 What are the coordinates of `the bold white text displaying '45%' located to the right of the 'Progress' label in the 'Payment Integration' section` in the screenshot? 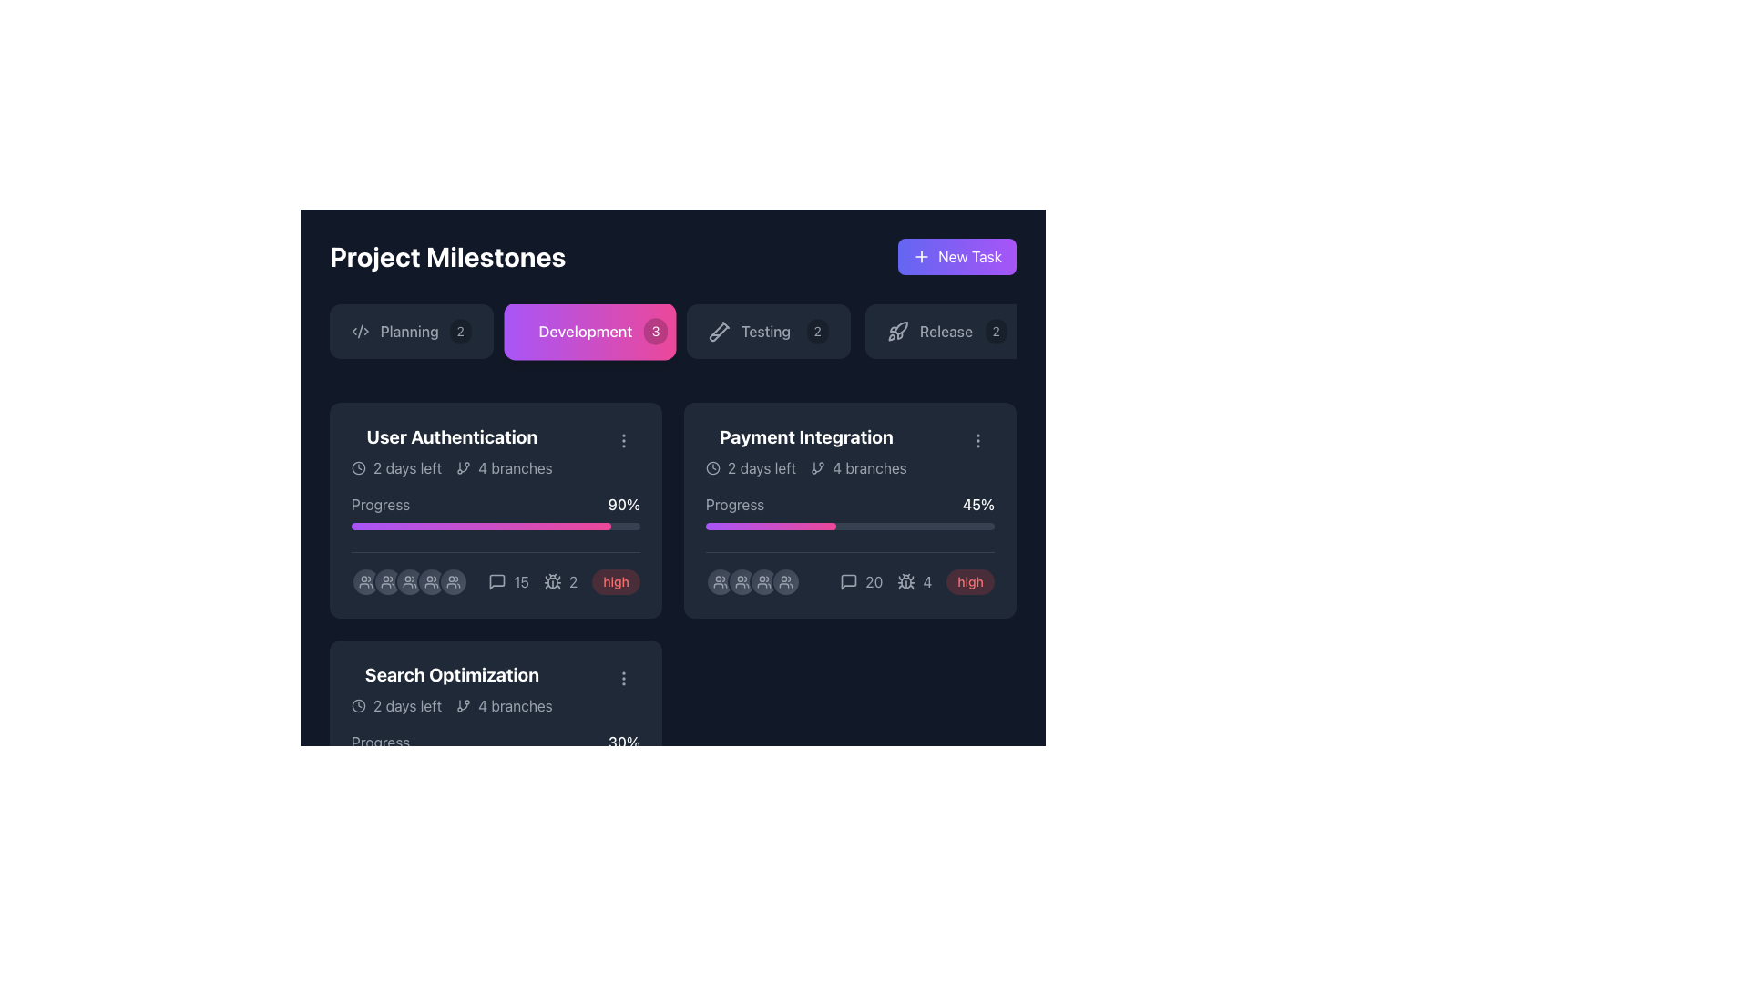 It's located at (977, 505).